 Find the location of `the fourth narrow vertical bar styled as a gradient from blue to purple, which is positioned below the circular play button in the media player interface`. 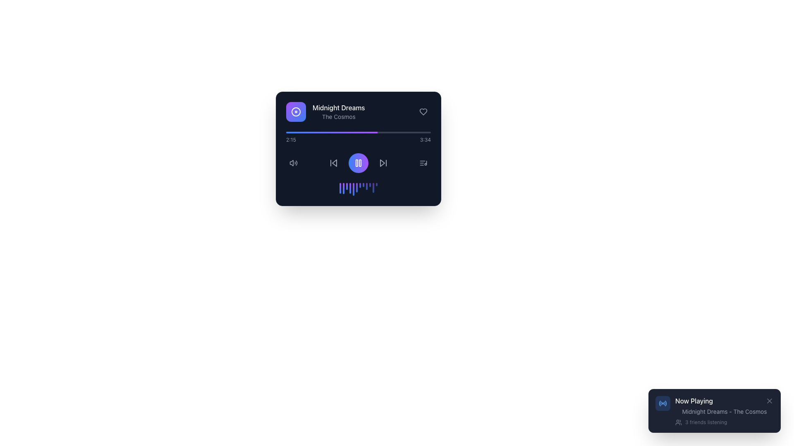

the fourth narrow vertical bar styled as a gradient from blue to purple, which is positioned below the circular play button in the media player interface is located at coordinates (350, 188).